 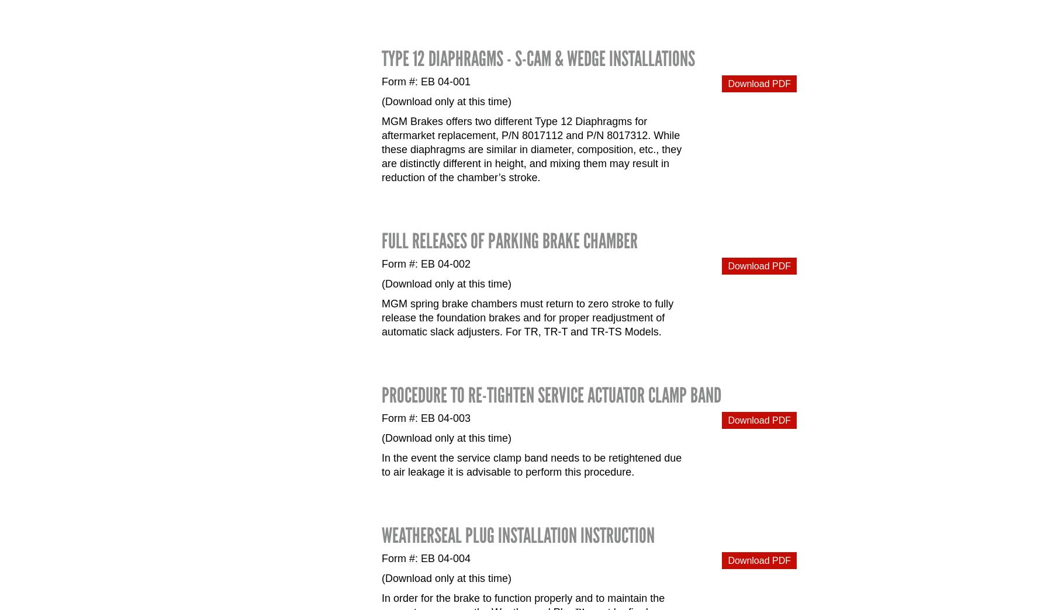 I want to click on 'Procedure to Re-tighten Service Actuator Clamp Band', so click(x=551, y=394).